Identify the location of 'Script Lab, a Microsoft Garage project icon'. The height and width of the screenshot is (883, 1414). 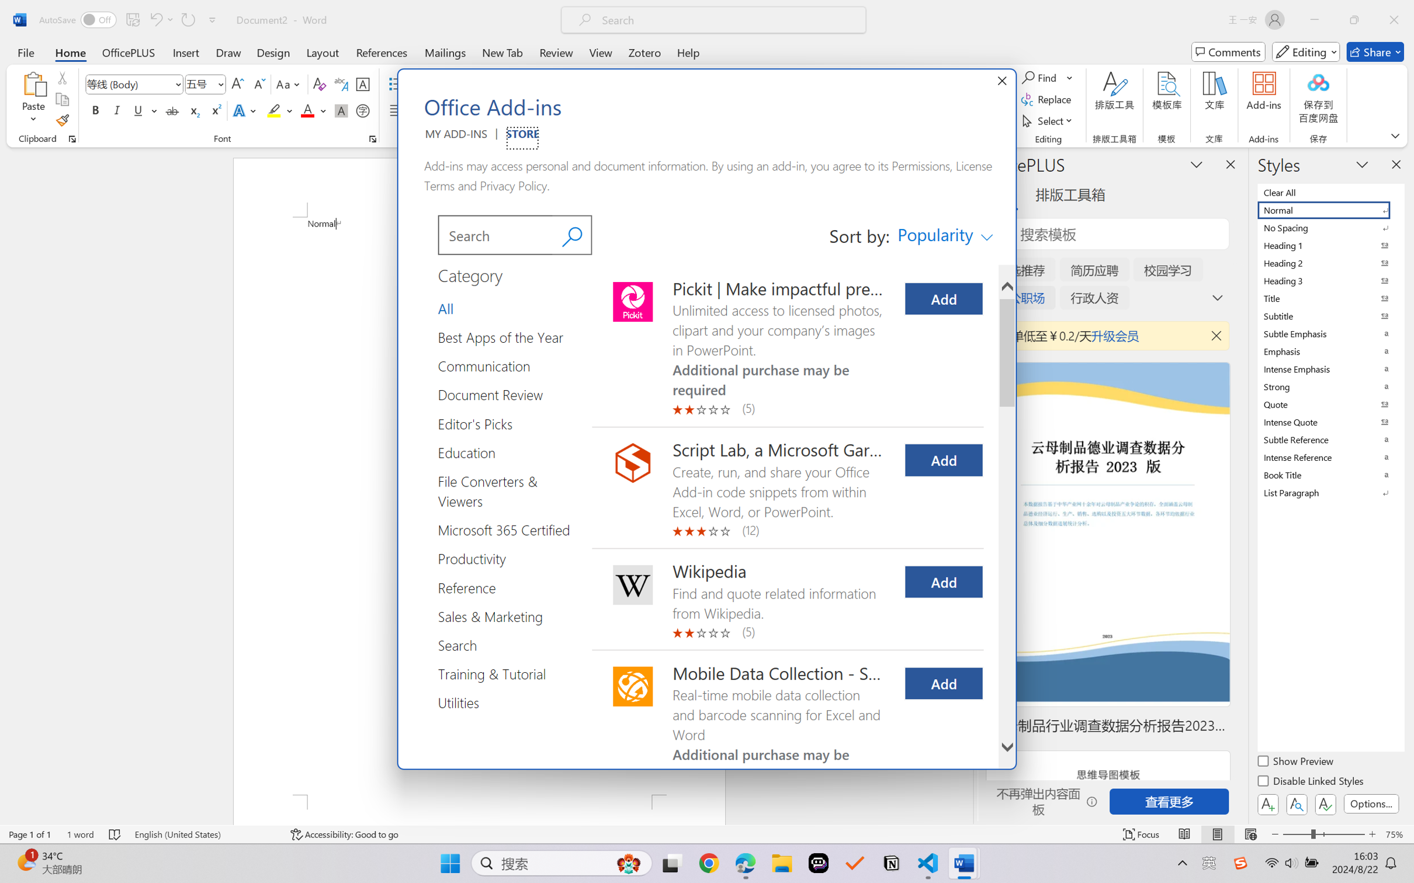
(632, 463).